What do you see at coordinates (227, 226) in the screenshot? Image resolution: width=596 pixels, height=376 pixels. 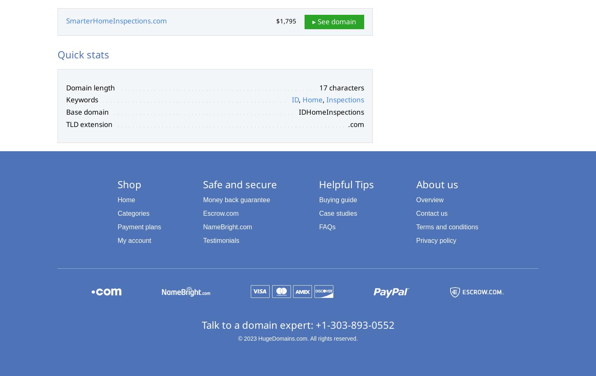 I see `'NameBright.com'` at bounding box center [227, 226].